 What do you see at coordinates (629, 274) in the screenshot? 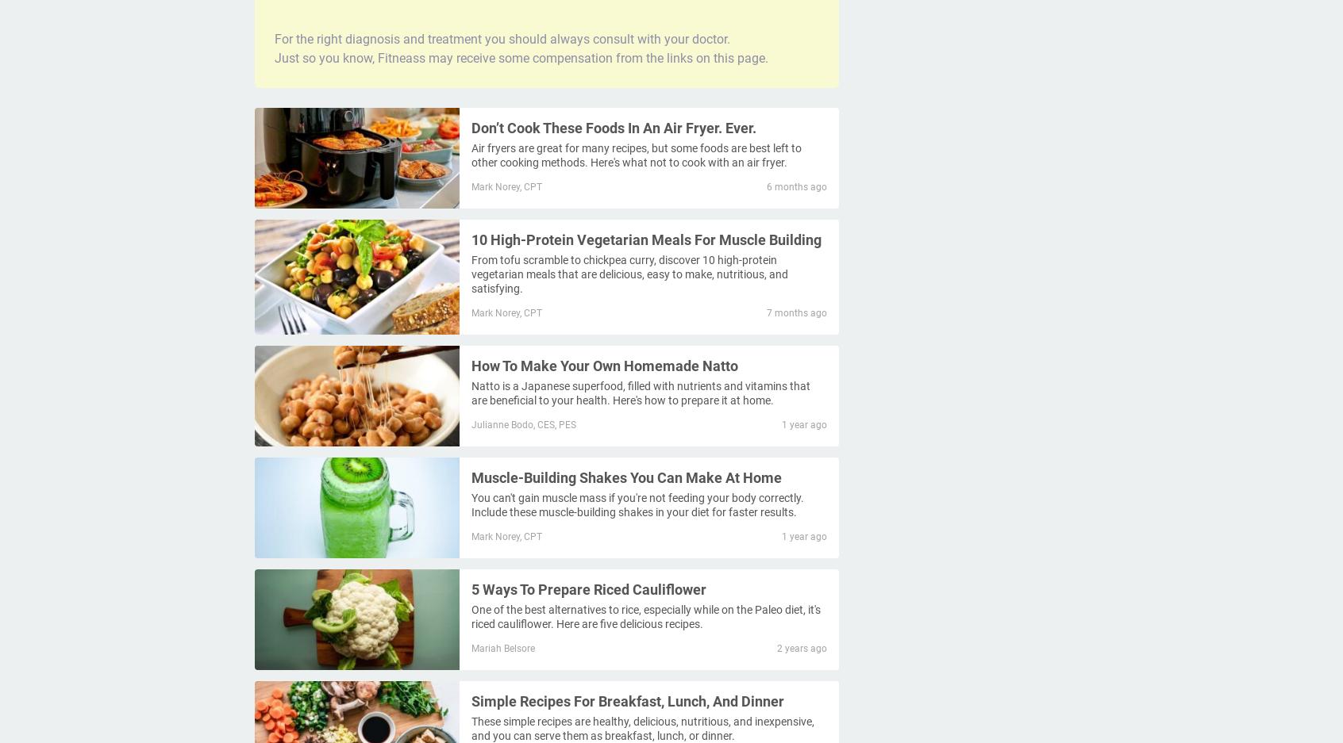
I see `'From tofu scramble to chickpea curry, discover 10 high-protein vegetarian meals that are delicious, easy to make, nutritious, and satisfying.'` at bounding box center [629, 274].